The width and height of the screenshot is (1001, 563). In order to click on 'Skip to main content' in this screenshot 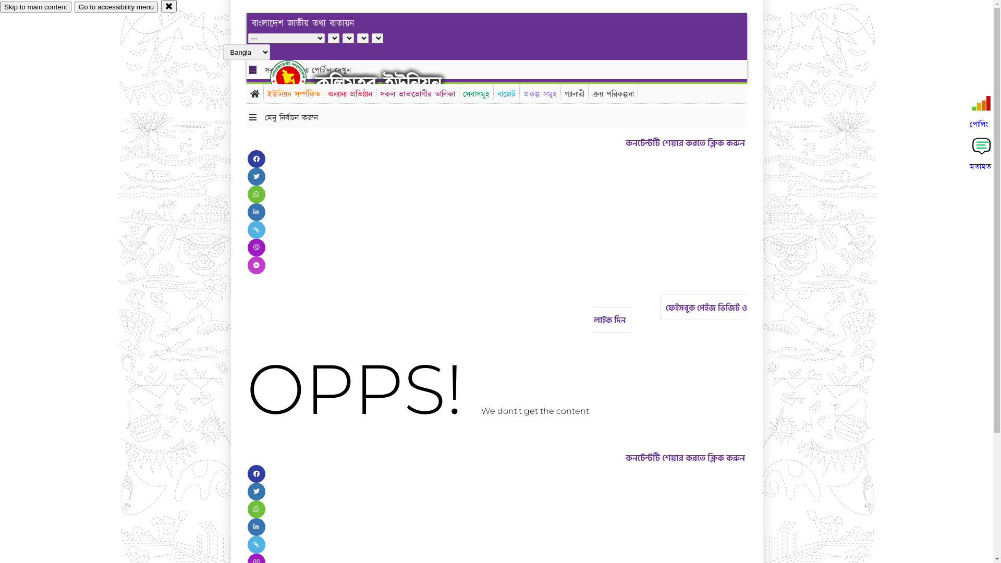, I will do `click(0, 7)`.